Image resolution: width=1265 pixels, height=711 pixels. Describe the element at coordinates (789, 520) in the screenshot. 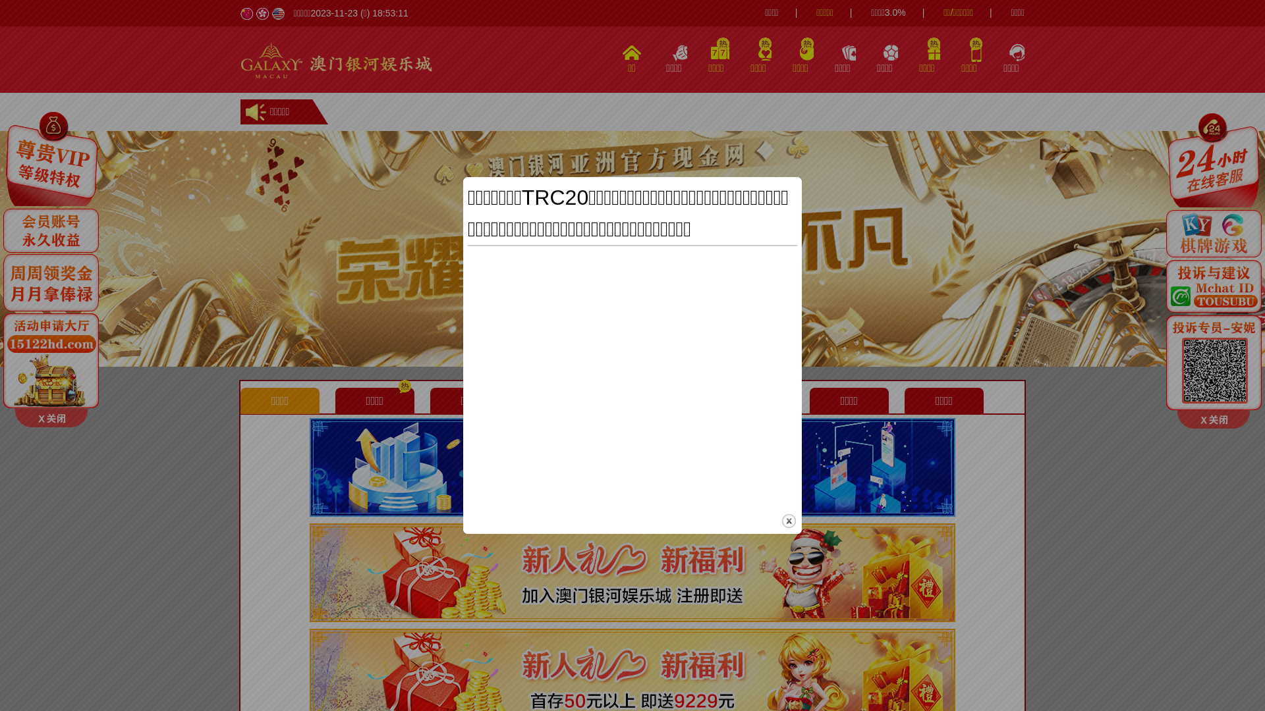

I see `'close'` at that location.